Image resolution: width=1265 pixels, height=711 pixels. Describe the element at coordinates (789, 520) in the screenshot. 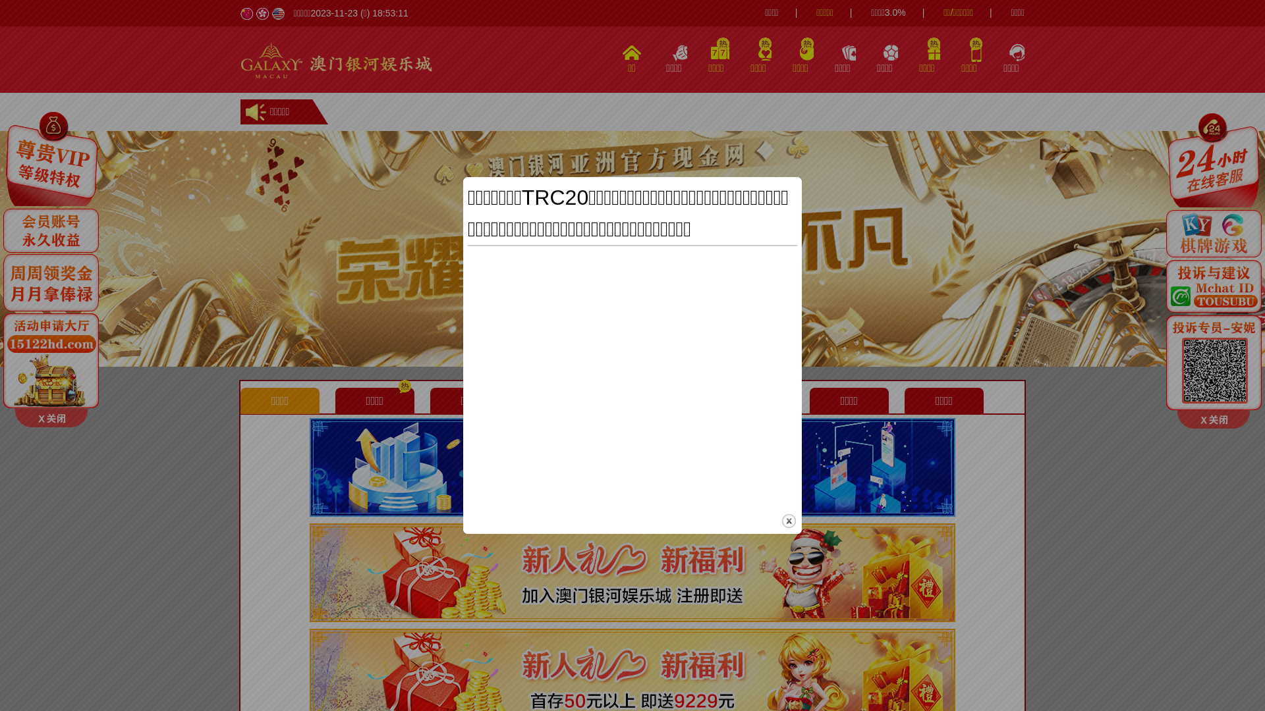

I see `'close'` at that location.